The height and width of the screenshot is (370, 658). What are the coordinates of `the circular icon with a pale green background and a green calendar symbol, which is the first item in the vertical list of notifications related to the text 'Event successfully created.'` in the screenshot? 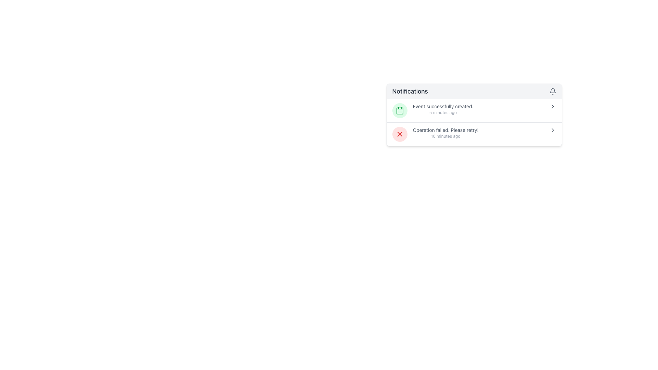 It's located at (400, 110).